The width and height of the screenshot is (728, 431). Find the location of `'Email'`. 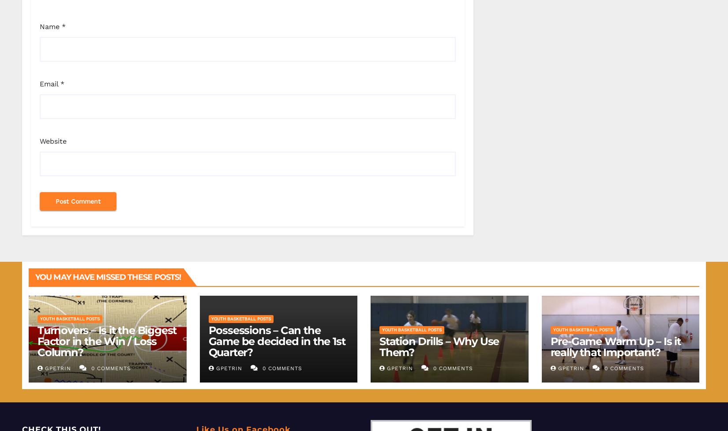

'Email' is located at coordinates (50, 83).